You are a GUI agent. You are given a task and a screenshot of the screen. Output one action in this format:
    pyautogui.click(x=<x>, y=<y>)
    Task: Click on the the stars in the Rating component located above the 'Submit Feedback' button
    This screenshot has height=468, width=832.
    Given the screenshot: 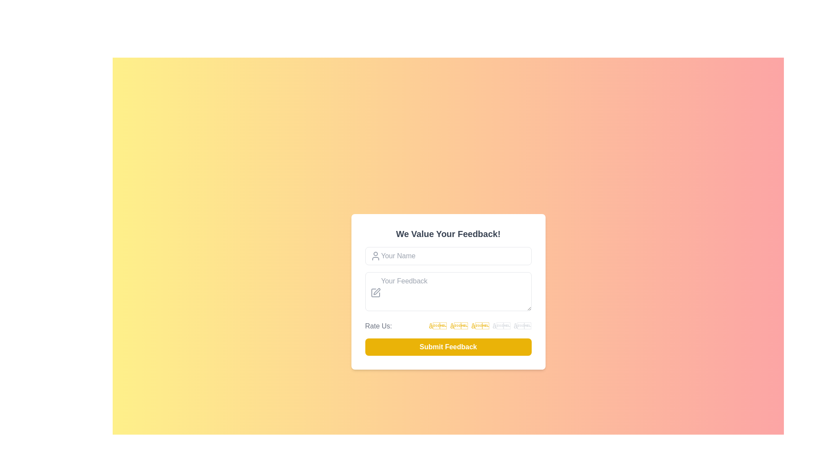 What is the action you would take?
    pyautogui.click(x=448, y=326)
    